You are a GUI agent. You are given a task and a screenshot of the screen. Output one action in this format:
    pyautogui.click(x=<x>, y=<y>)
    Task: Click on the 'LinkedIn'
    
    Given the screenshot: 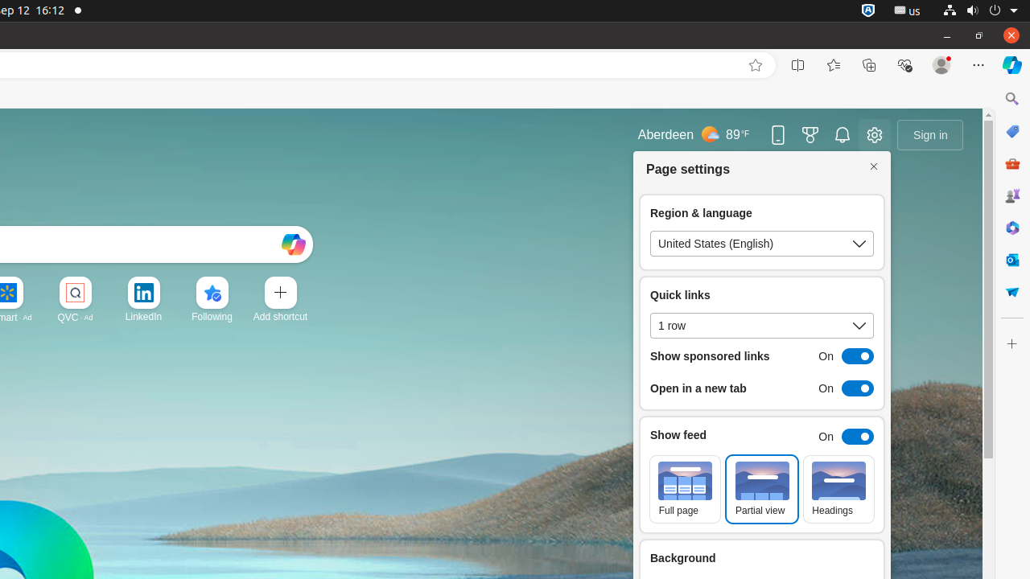 What is the action you would take?
    pyautogui.click(x=143, y=316)
    